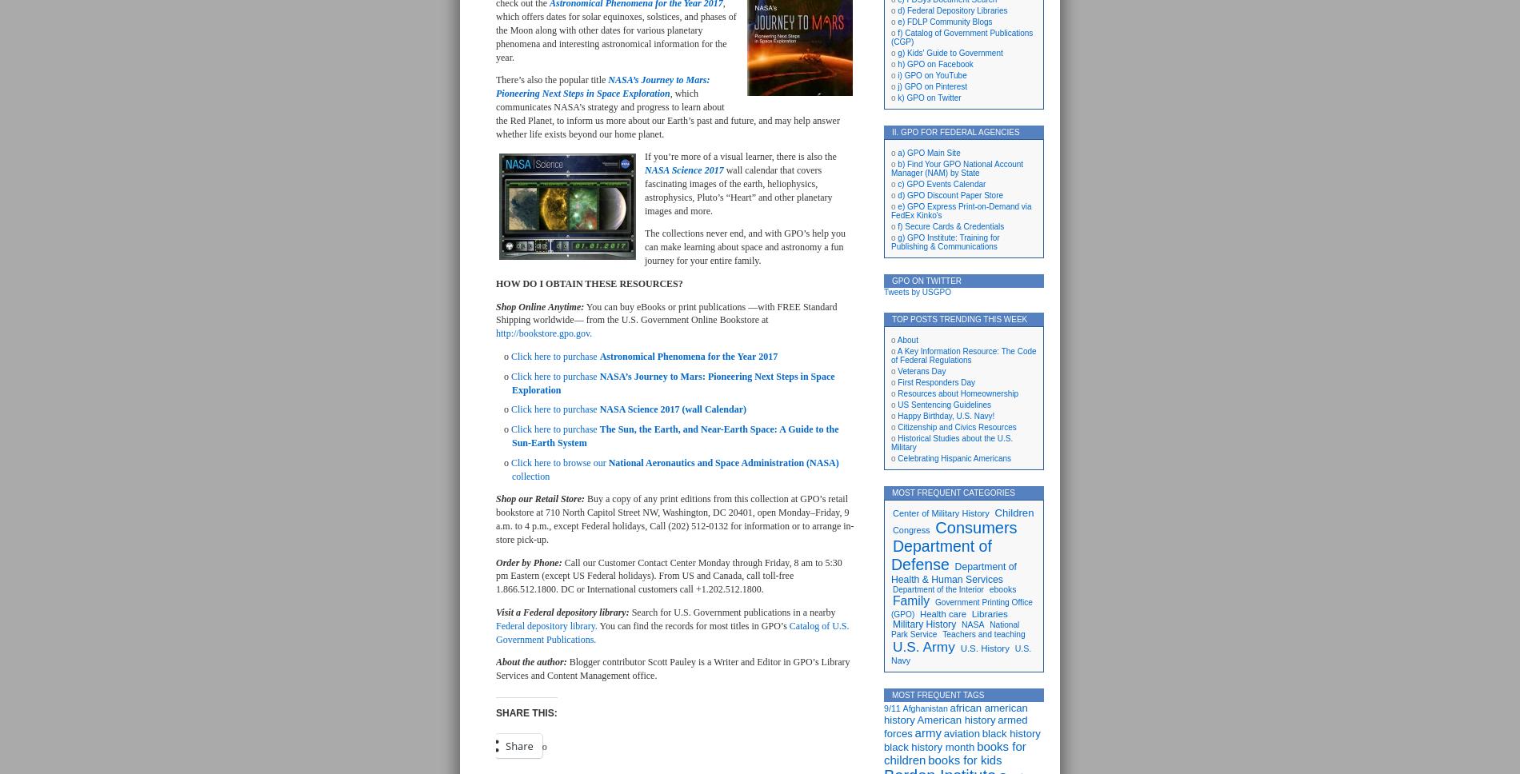 The image size is (1520, 774). Describe the element at coordinates (739, 157) in the screenshot. I see `'If you’re more of a visual learner, there is also the'` at that location.